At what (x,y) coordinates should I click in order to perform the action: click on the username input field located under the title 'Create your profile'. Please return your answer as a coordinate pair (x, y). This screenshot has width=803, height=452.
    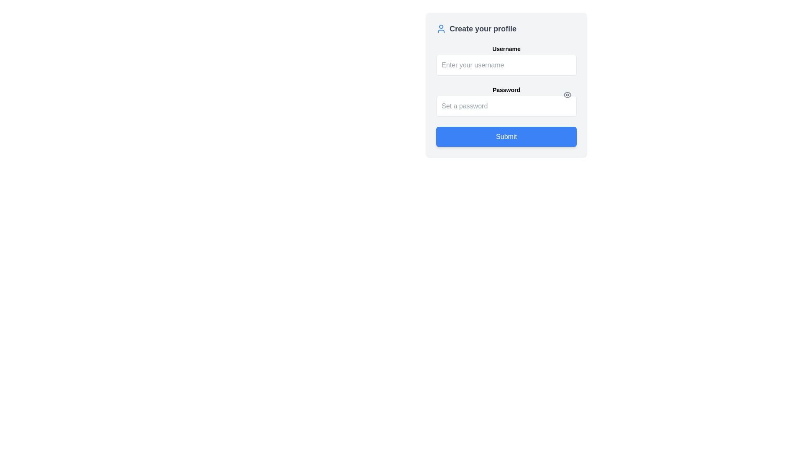
    Looking at the image, I should click on (506, 59).